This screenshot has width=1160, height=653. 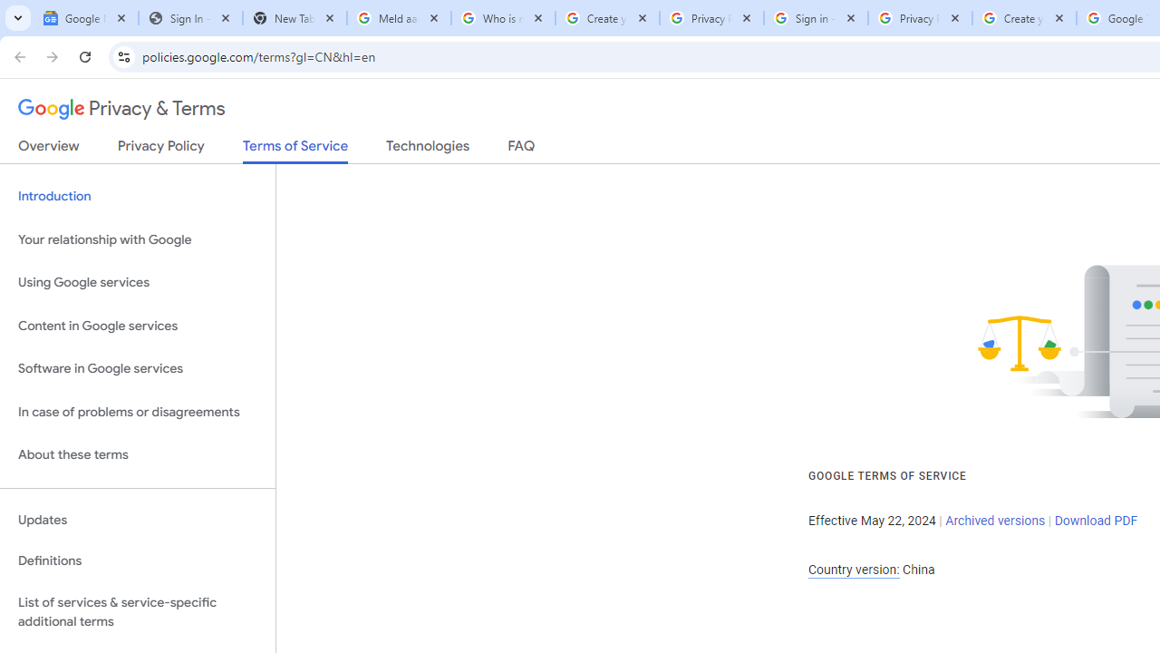 I want to click on 'Sign in - Google Accounts', so click(x=815, y=18).